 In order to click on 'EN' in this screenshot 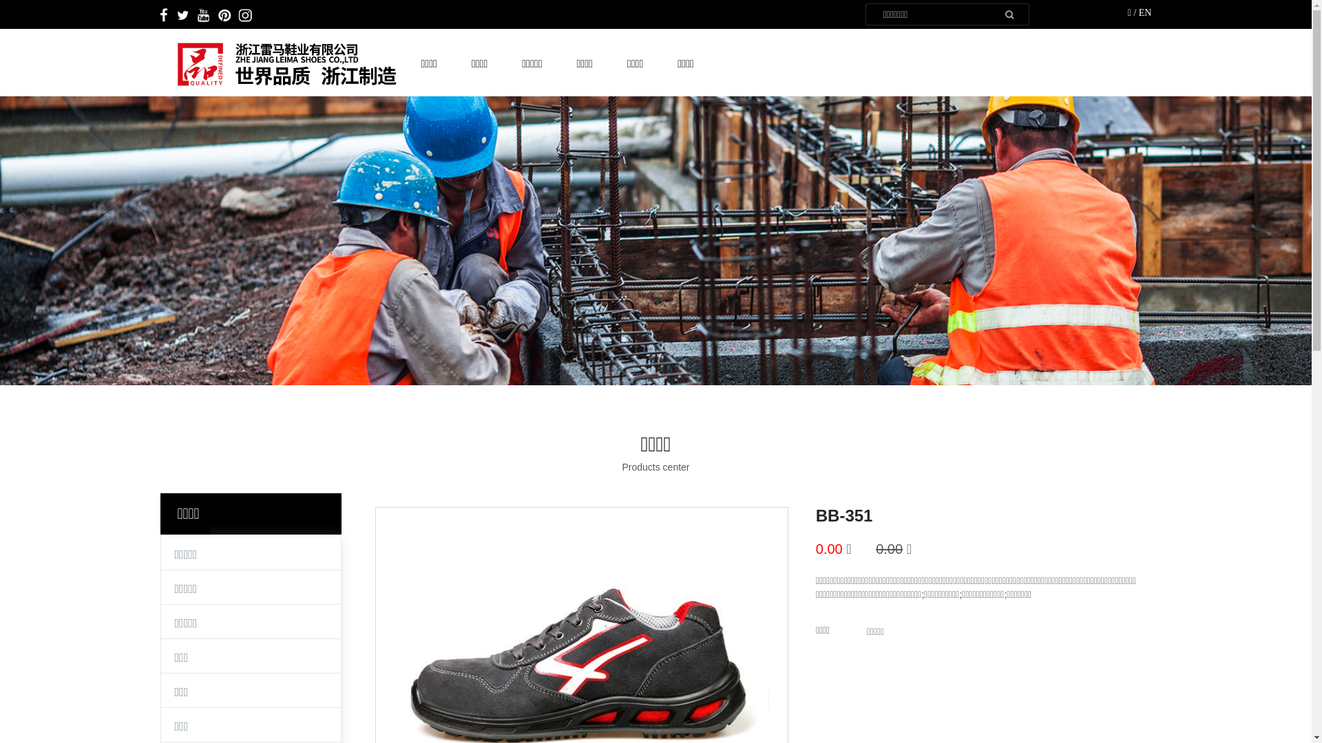, I will do `click(1139, 12)`.